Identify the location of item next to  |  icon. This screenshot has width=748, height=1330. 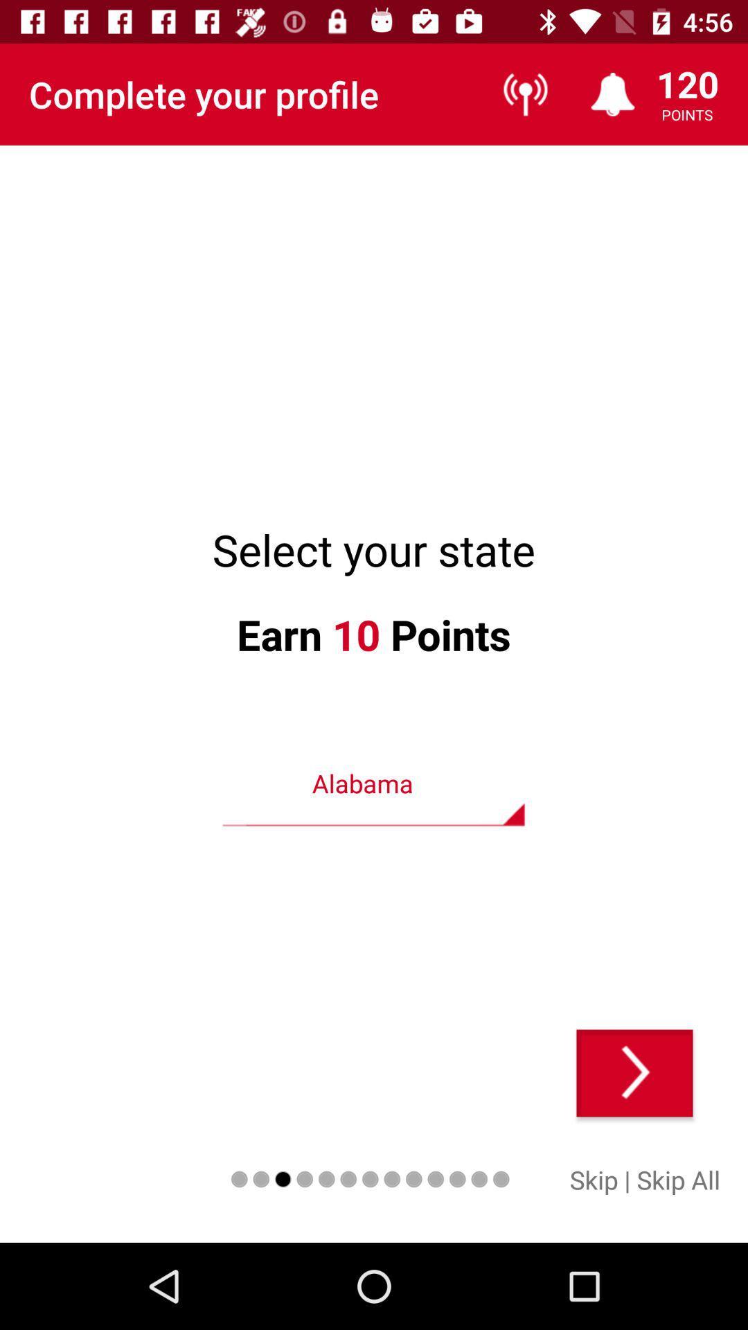
(677, 1179).